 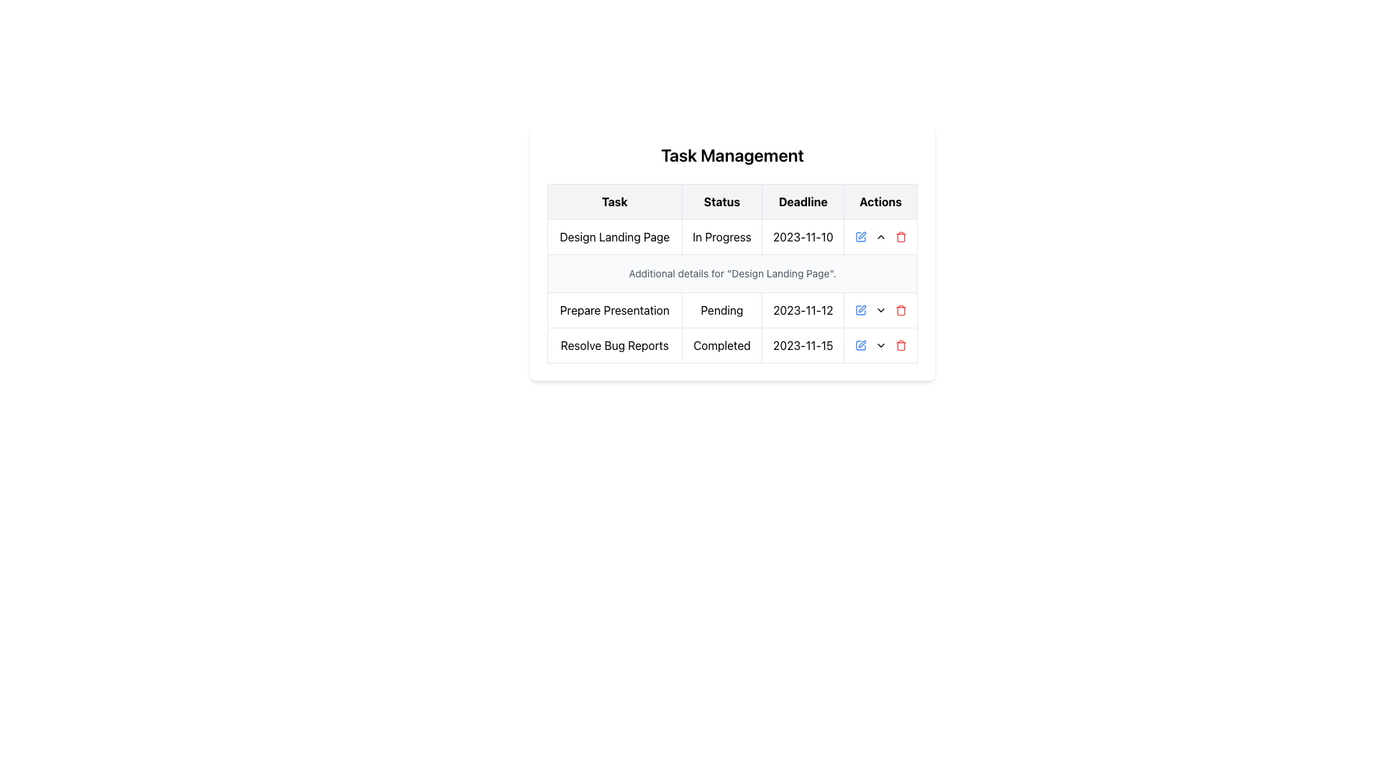 I want to click on the Text Label that displays the current status of the task 'Resolve Bug Reports' in the 'Status' column of the table, so click(x=721, y=346).